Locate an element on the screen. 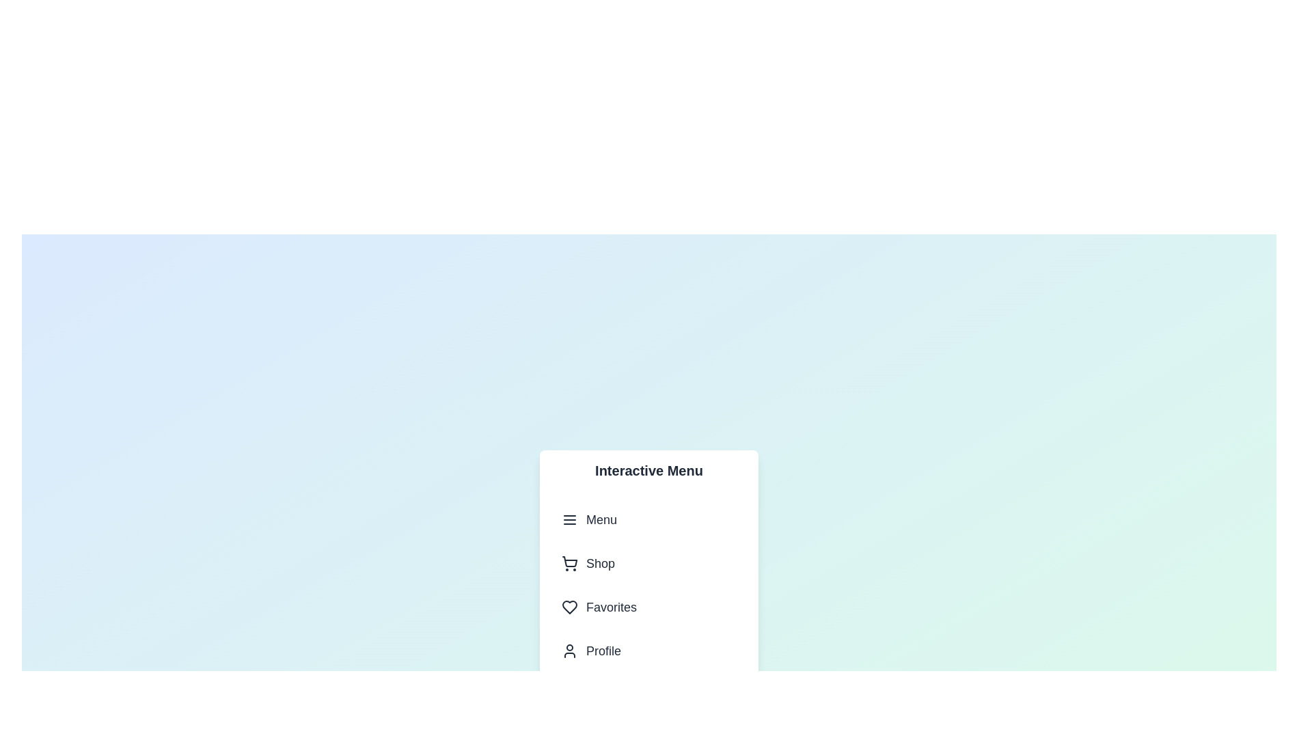  the menu item labeled Favorites to activate it is located at coordinates (648, 606).